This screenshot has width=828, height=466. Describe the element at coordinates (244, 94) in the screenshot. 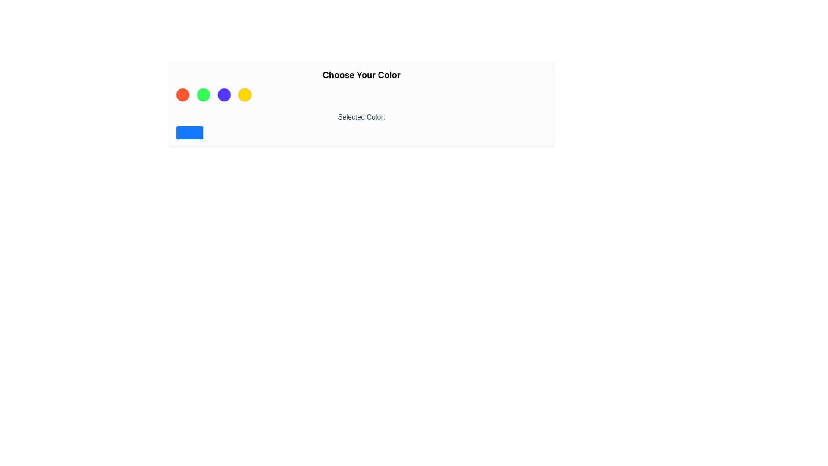

I see `the fourth circular color indicator in the color palette` at that location.